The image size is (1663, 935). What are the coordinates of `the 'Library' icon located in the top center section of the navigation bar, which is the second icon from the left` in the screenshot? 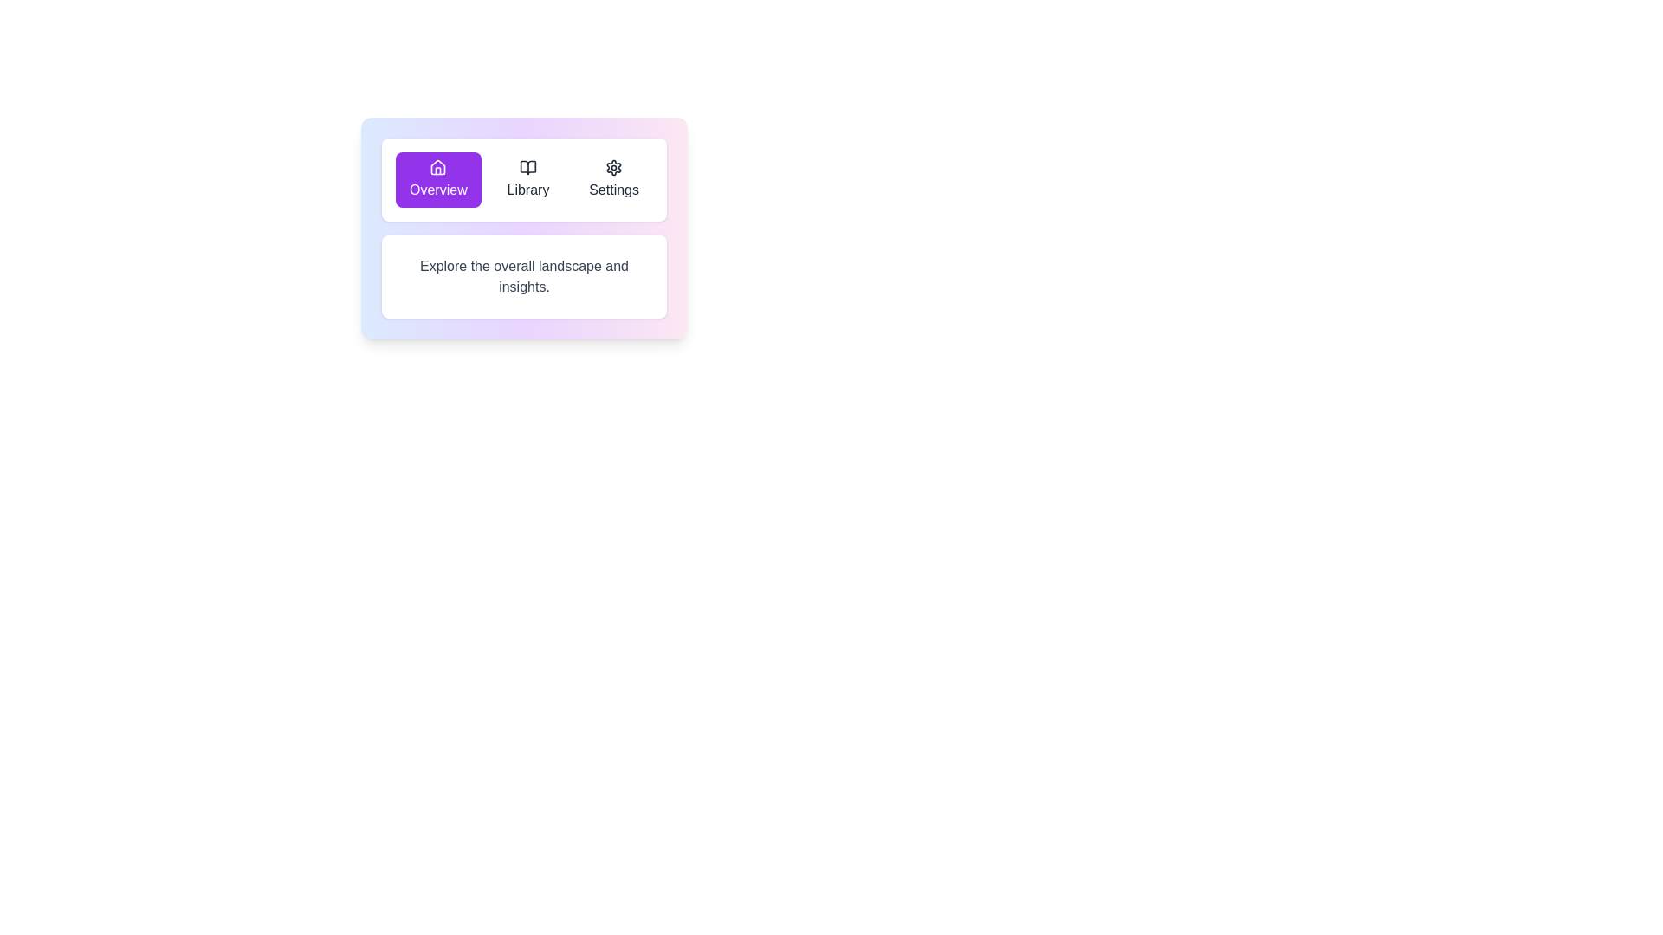 It's located at (527, 167).